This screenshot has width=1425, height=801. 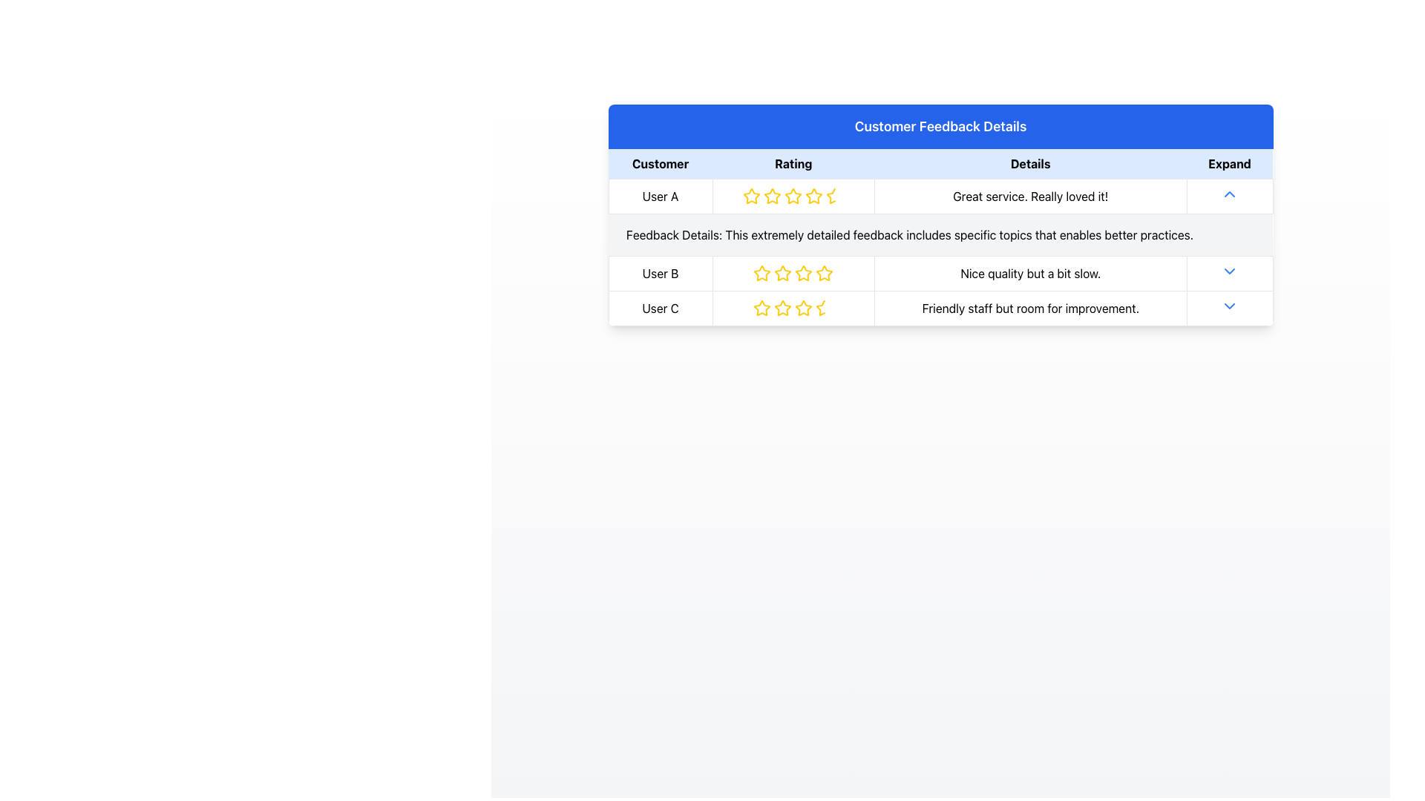 I want to click on the third star icon in the 'Rating' column corresponding to 'User C' to set or adjust the rating, so click(x=782, y=308).